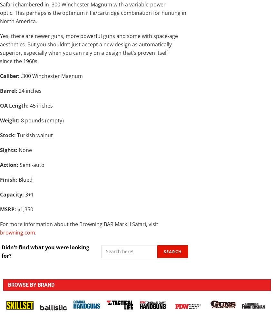 This screenshot has height=316, width=274. I want to click on 'Caliber:', so click(0, 75).